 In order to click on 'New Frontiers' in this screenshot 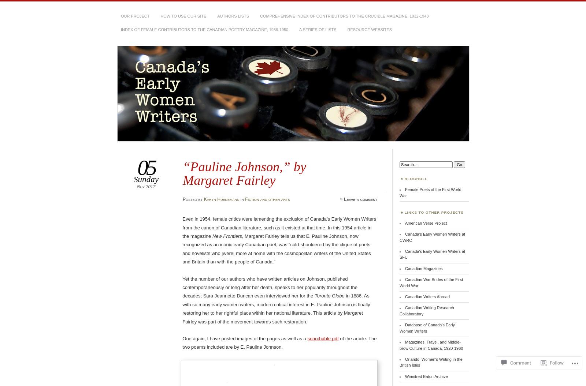, I will do `click(212, 236)`.